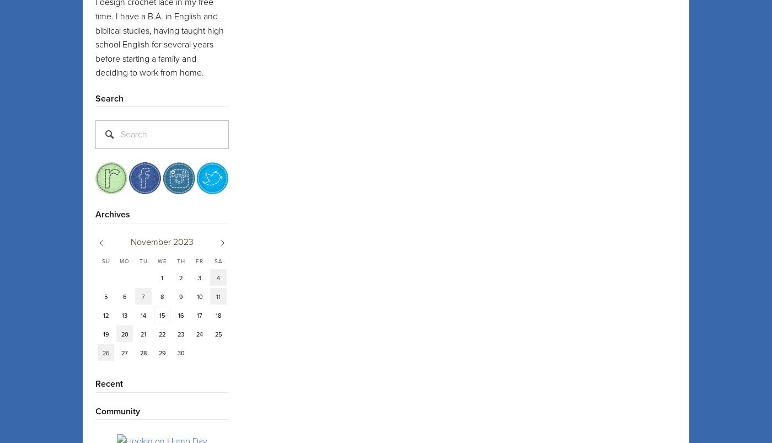  I want to click on '24', so click(200, 334).